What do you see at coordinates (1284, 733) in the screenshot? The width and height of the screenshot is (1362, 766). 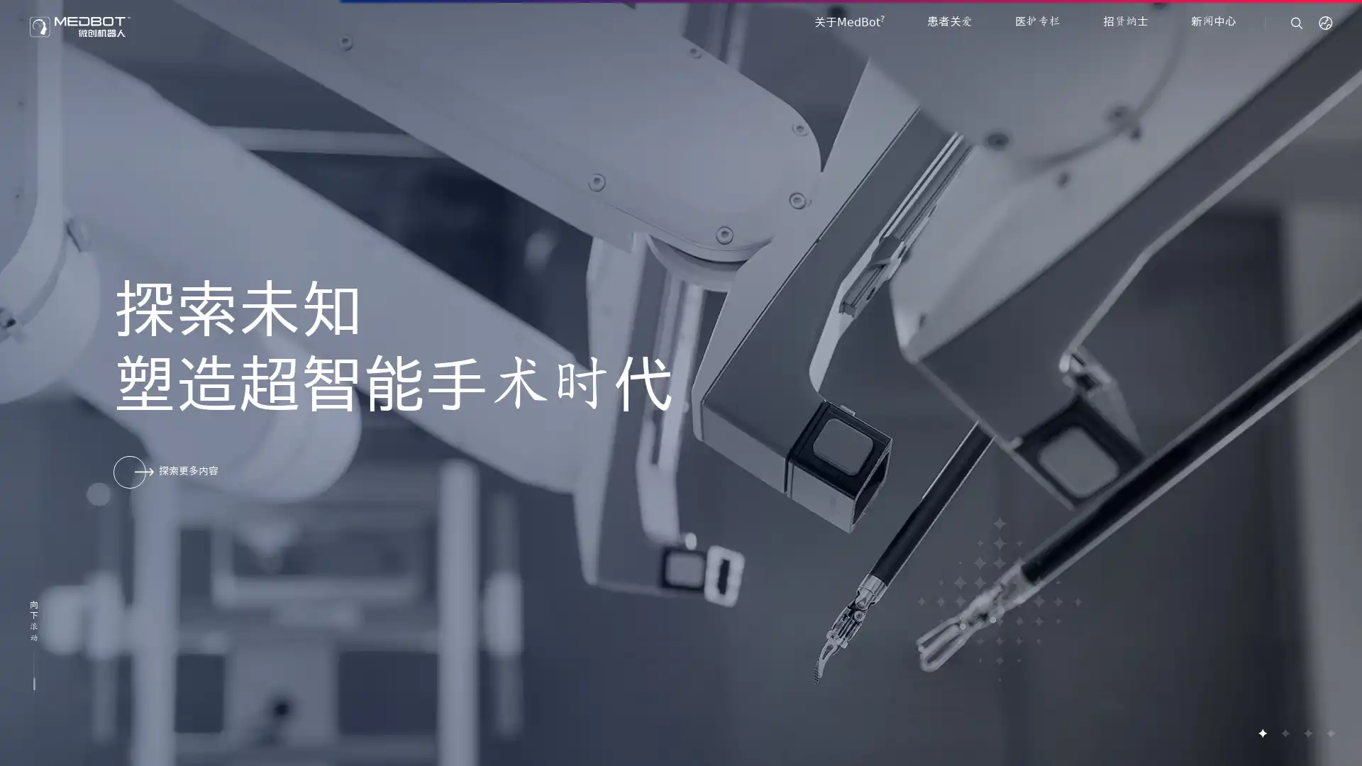 I see `Go to slide 2` at bounding box center [1284, 733].